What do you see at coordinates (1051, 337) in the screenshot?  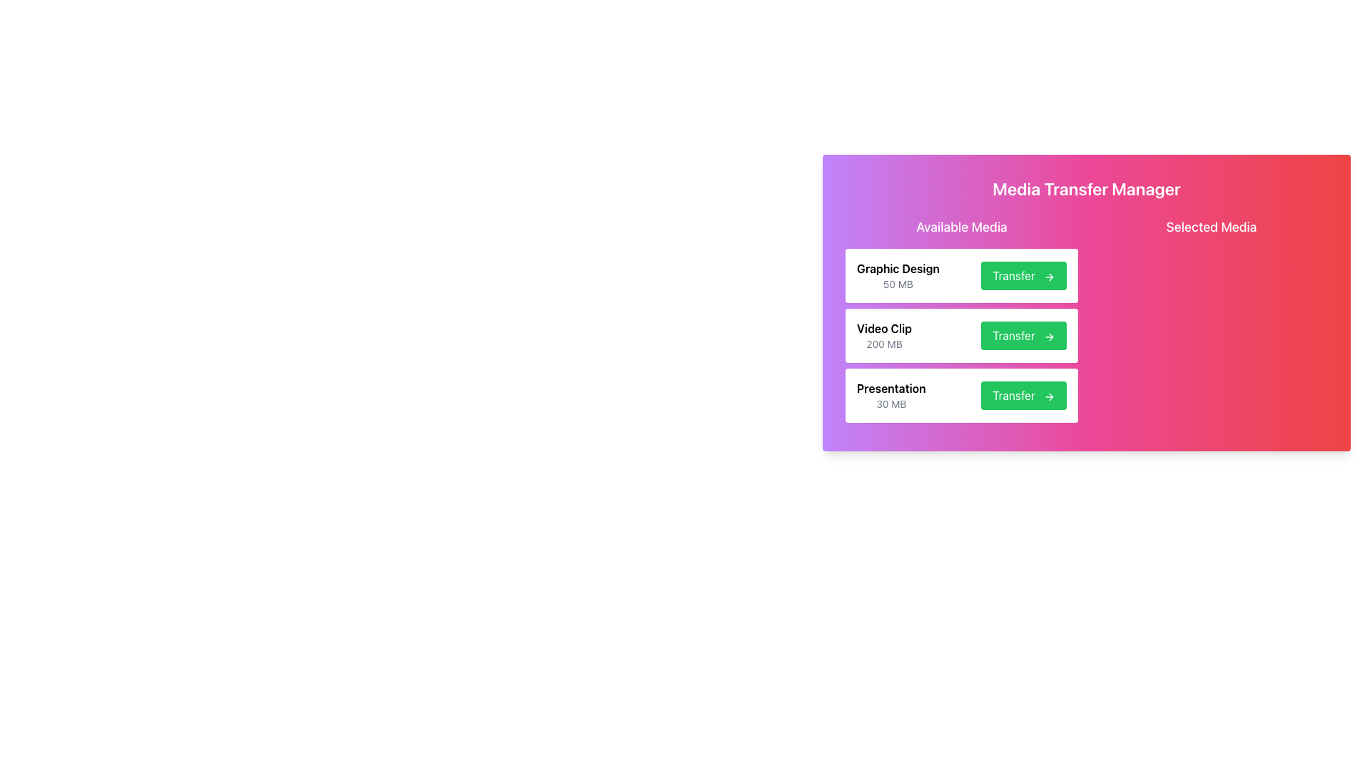 I see `the stylized arrow icon located on the right side of the 'Transfer' button` at bounding box center [1051, 337].